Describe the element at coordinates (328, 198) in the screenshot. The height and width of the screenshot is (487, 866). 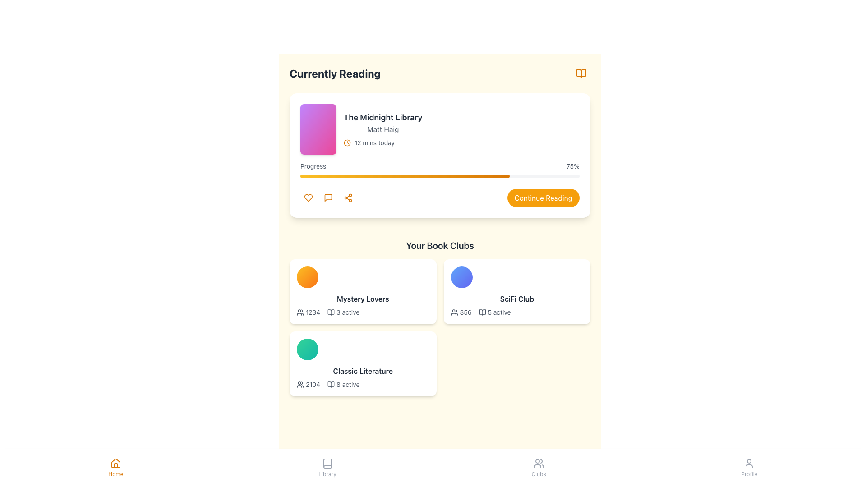
I see `the second button in the 'Currently Reading' section to change its background, which is located between the heart-shaped icon button and the share icon button` at that location.